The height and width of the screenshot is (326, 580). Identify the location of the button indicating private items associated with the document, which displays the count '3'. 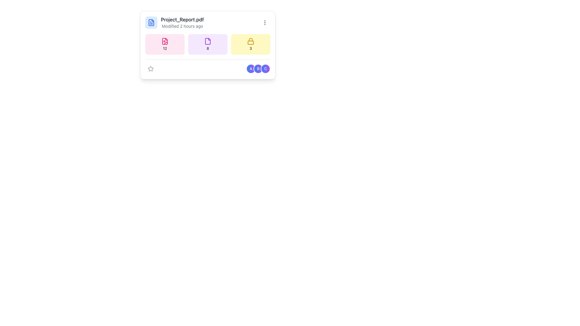
(251, 44).